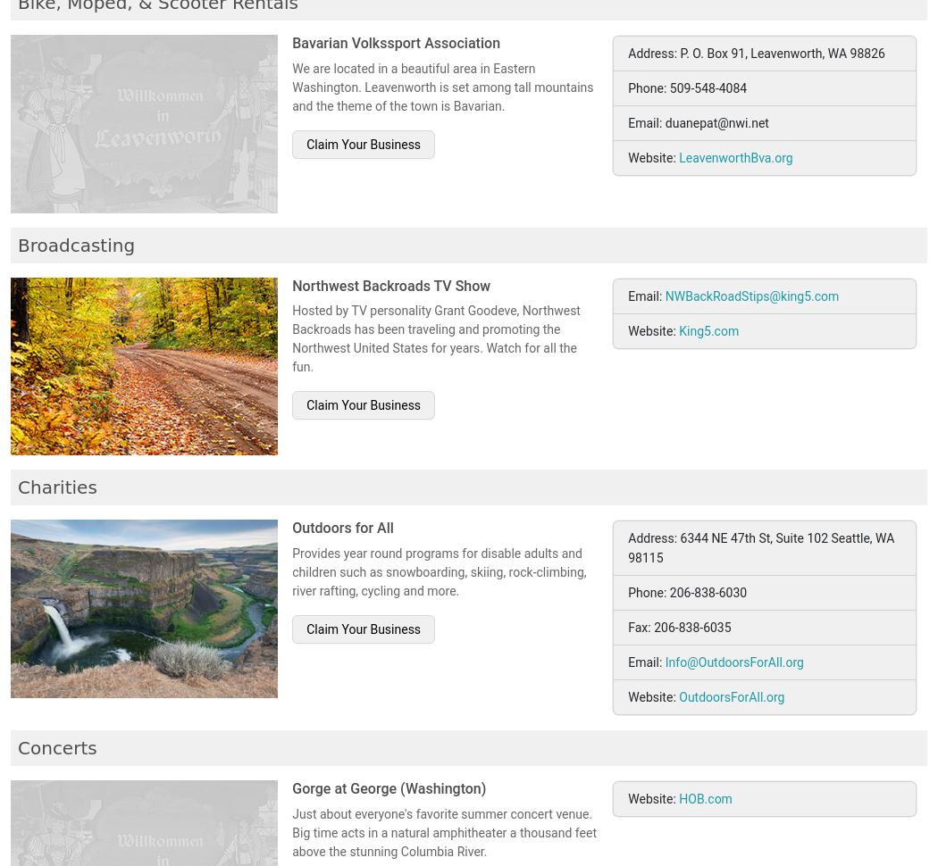  I want to click on 'Business Hours: Everyday 9AM-7PM PST USA', so click(452, 188).